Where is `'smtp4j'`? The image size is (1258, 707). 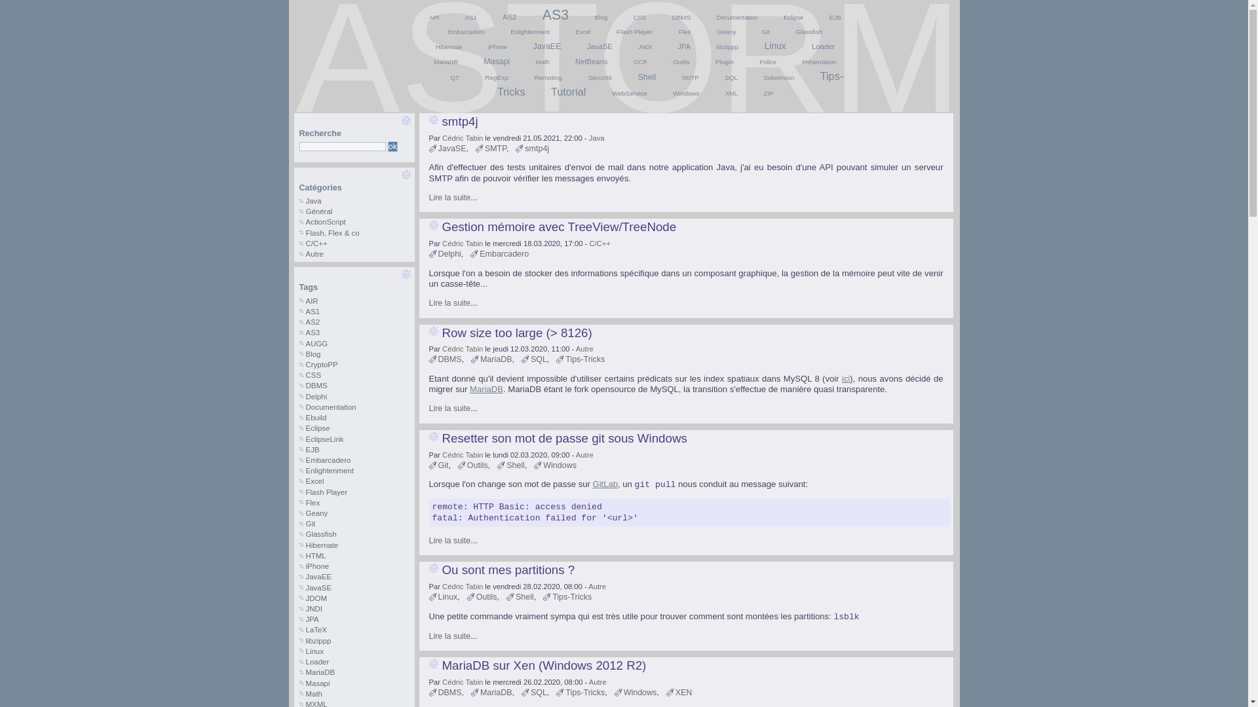 'smtp4j' is located at coordinates (459, 121).